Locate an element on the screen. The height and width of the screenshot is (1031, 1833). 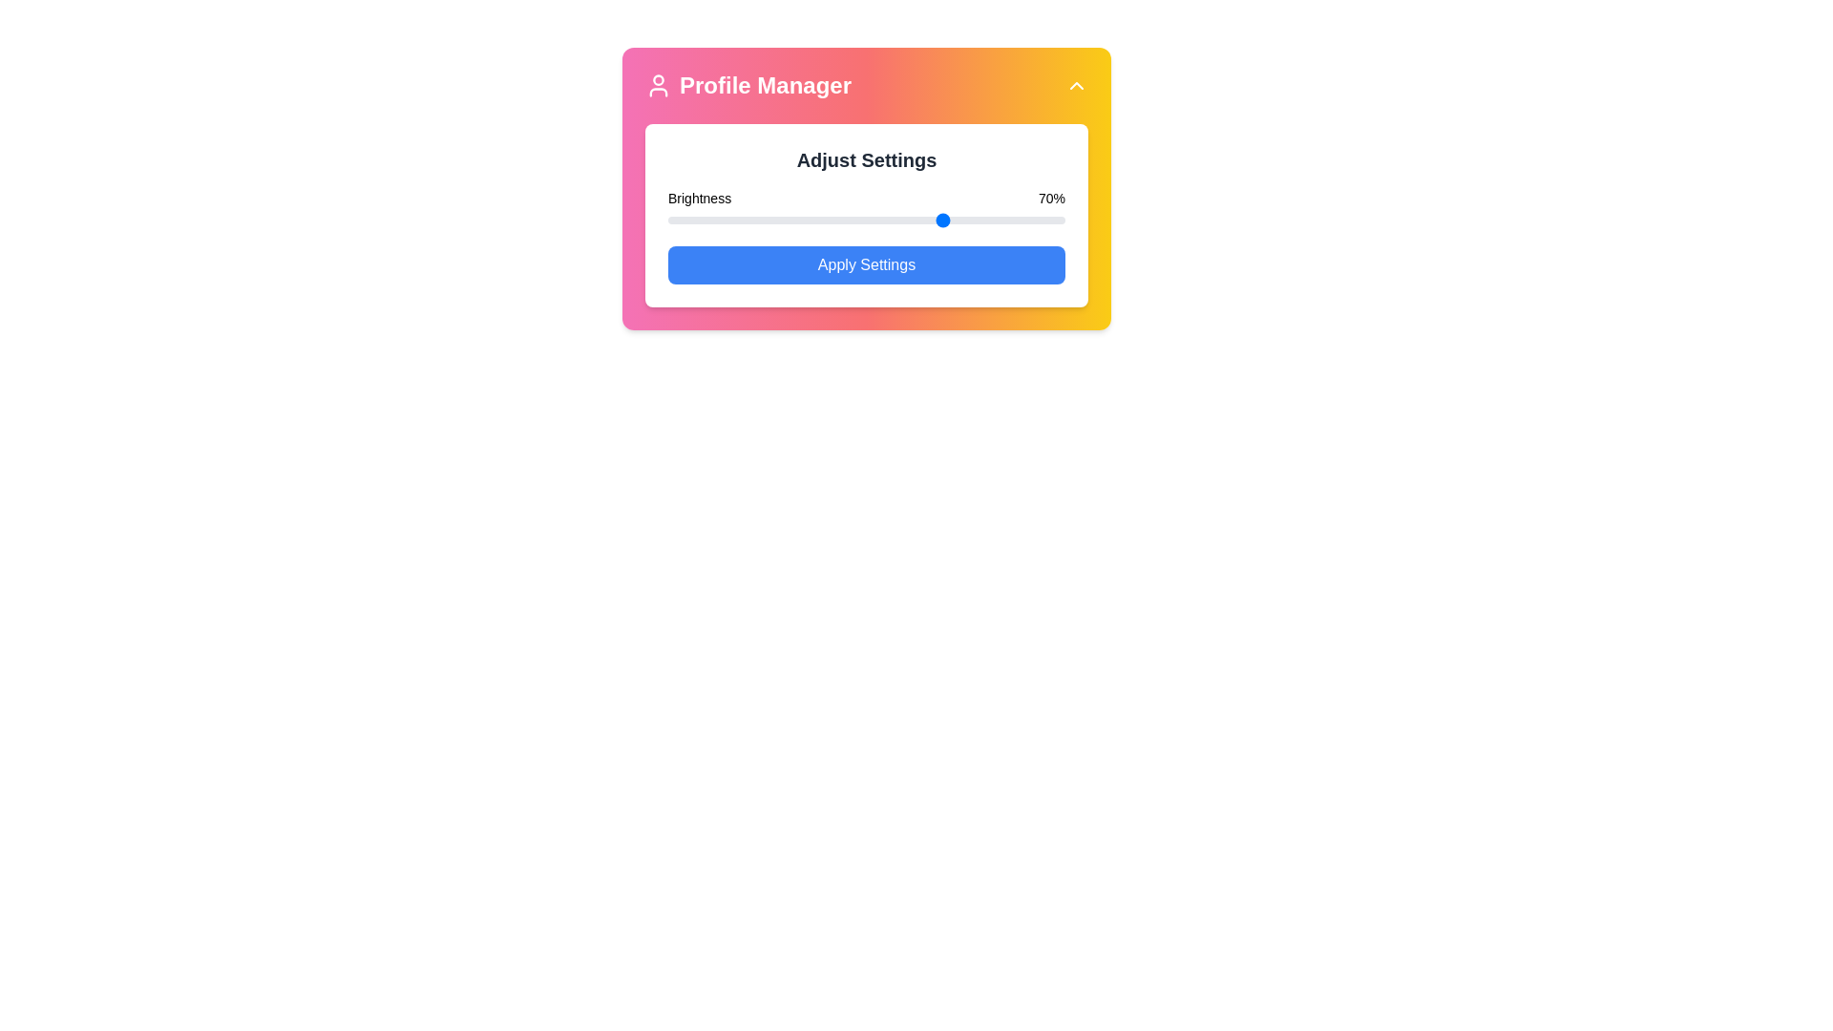
brightness is located at coordinates (905, 220).